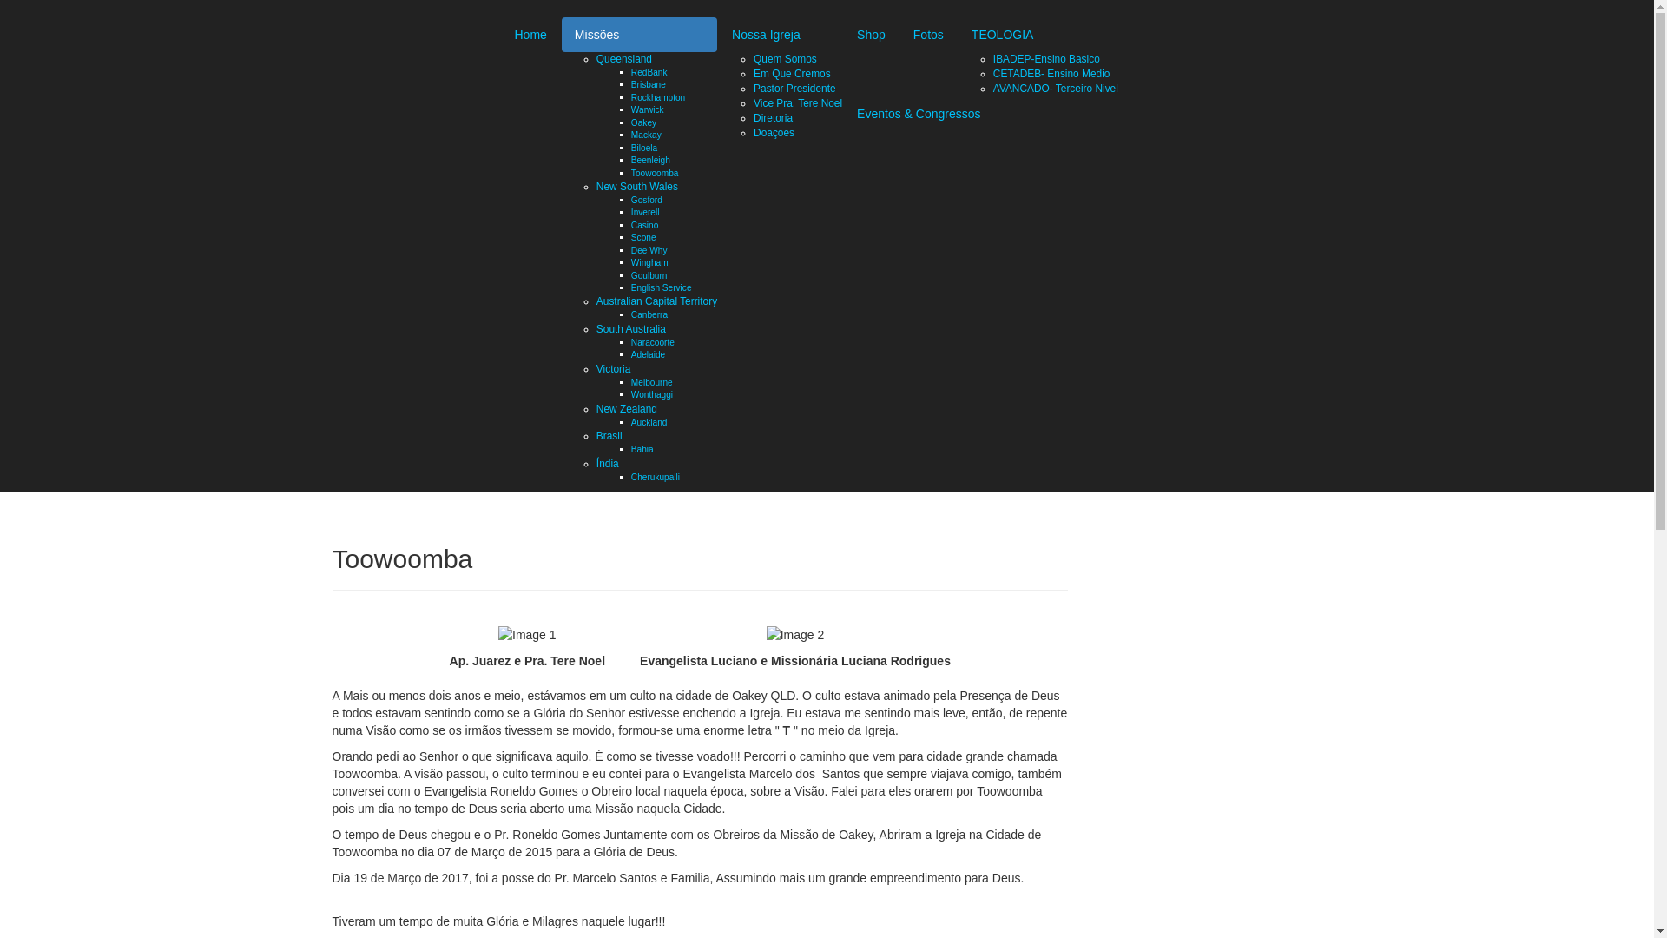 The width and height of the screenshot is (1667, 938). What do you see at coordinates (650, 394) in the screenshot?
I see `'Wonthaggi'` at bounding box center [650, 394].